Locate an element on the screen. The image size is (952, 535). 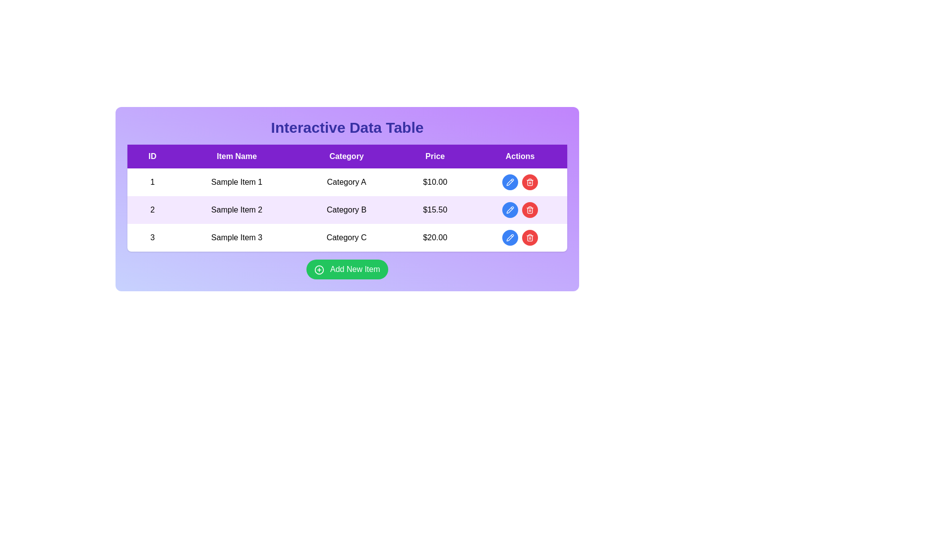
the text cell in the third column of the second row of the table, which indicates the category of the item, located between 'Sample Item 2' and '$15.50' is located at coordinates (347, 210).